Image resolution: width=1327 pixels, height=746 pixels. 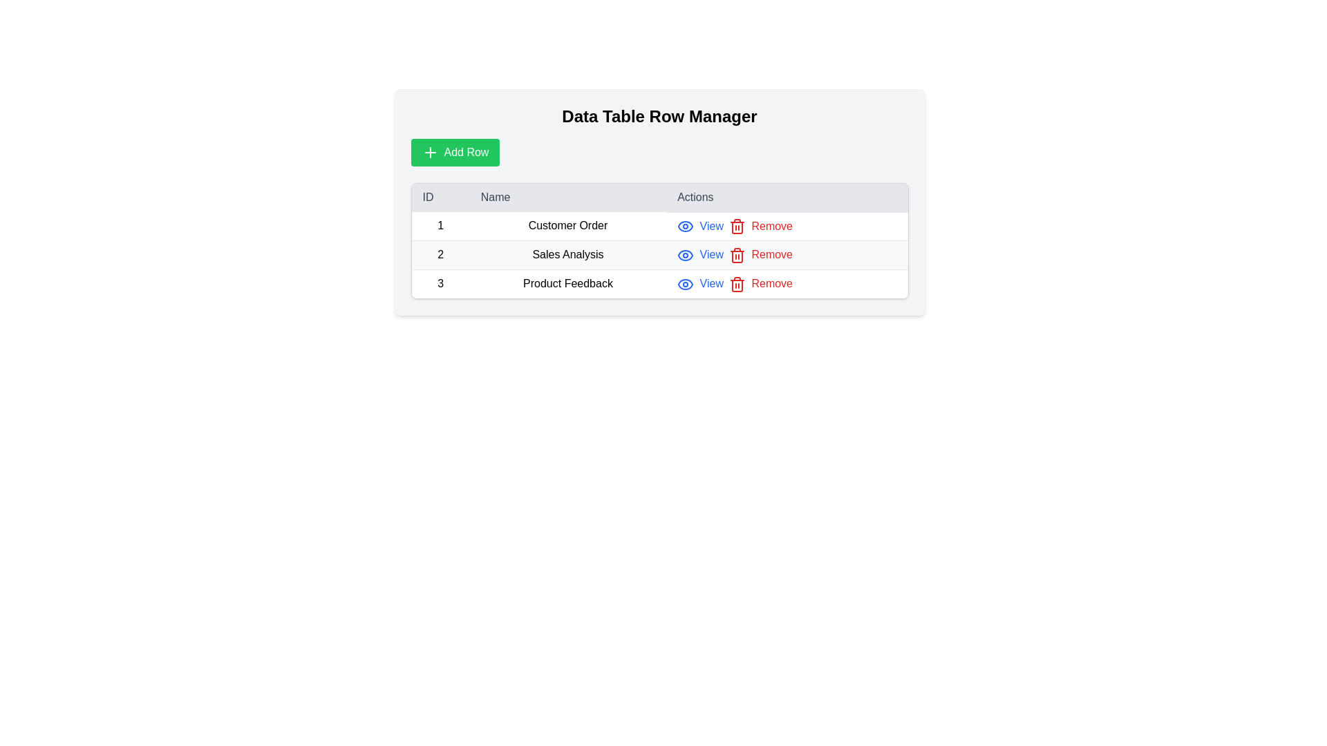 What do you see at coordinates (567, 255) in the screenshot?
I see `displayed text 'Sales Analysis' from the second cell in the 'Name' column of the second row in the table` at bounding box center [567, 255].